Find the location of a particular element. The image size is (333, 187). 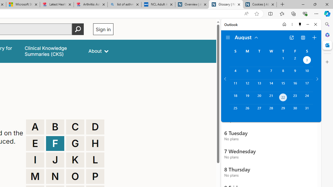

'Tuesday, August 13, 2024. ' is located at coordinates (259, 85).